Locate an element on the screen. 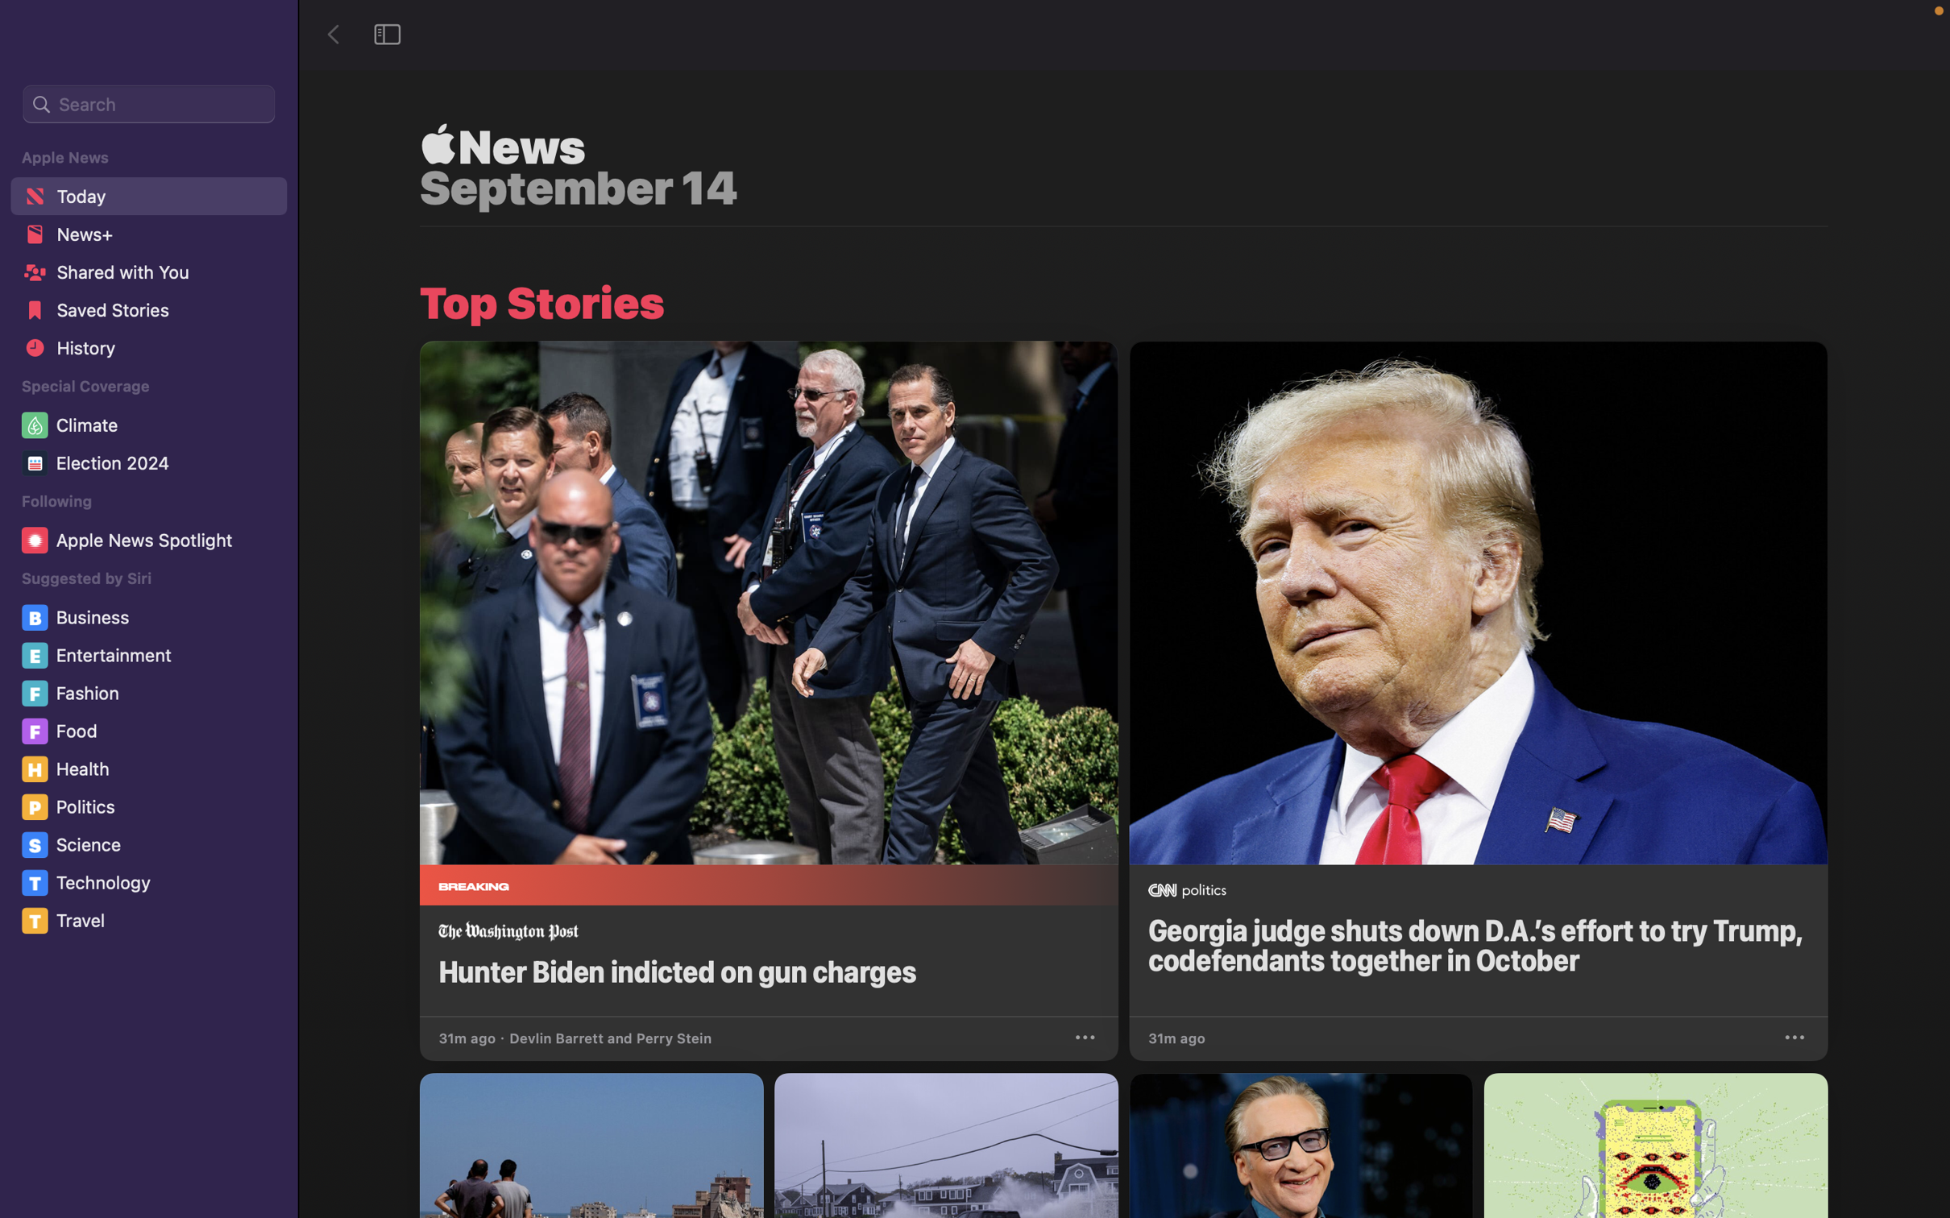  the second news story featuring a judge in Georgia is located at coordinates (1477, 678).